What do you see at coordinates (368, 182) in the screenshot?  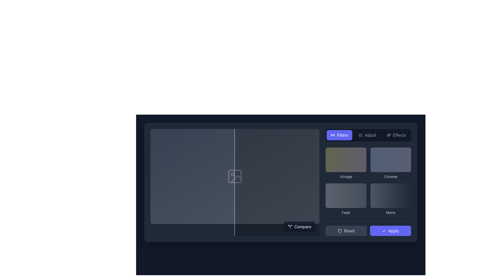 I see `the swatch in the Grid of selectable options` at bounding box center [368, 182].